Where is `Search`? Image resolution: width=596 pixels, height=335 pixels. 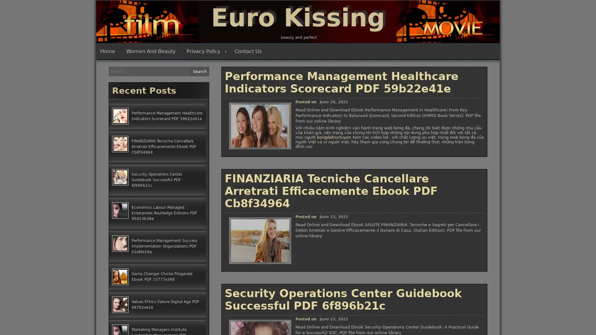
Search is located at coordinates (200, 71).